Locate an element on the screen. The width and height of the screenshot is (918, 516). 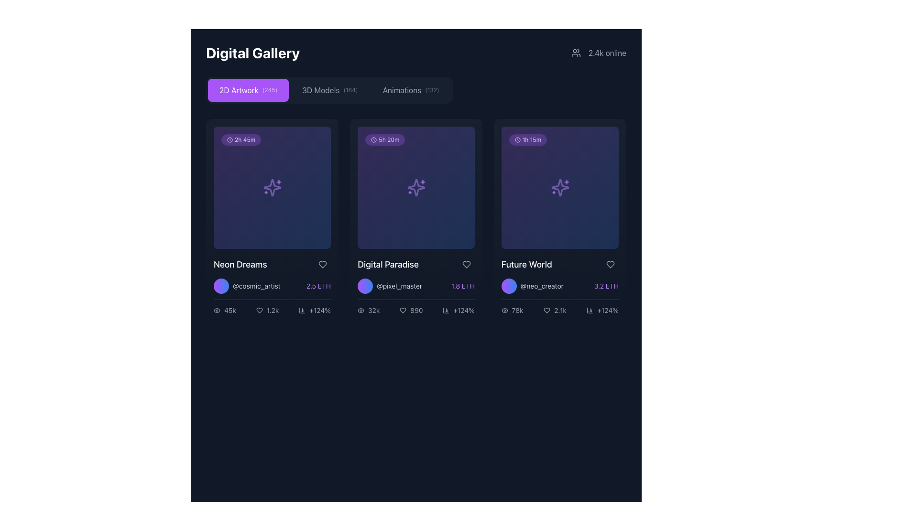
the circular gradient-colored icon transitioning from purple to blue, which is located to the left of the text '@cosmic_artist' is located at coordinates (220, 285).